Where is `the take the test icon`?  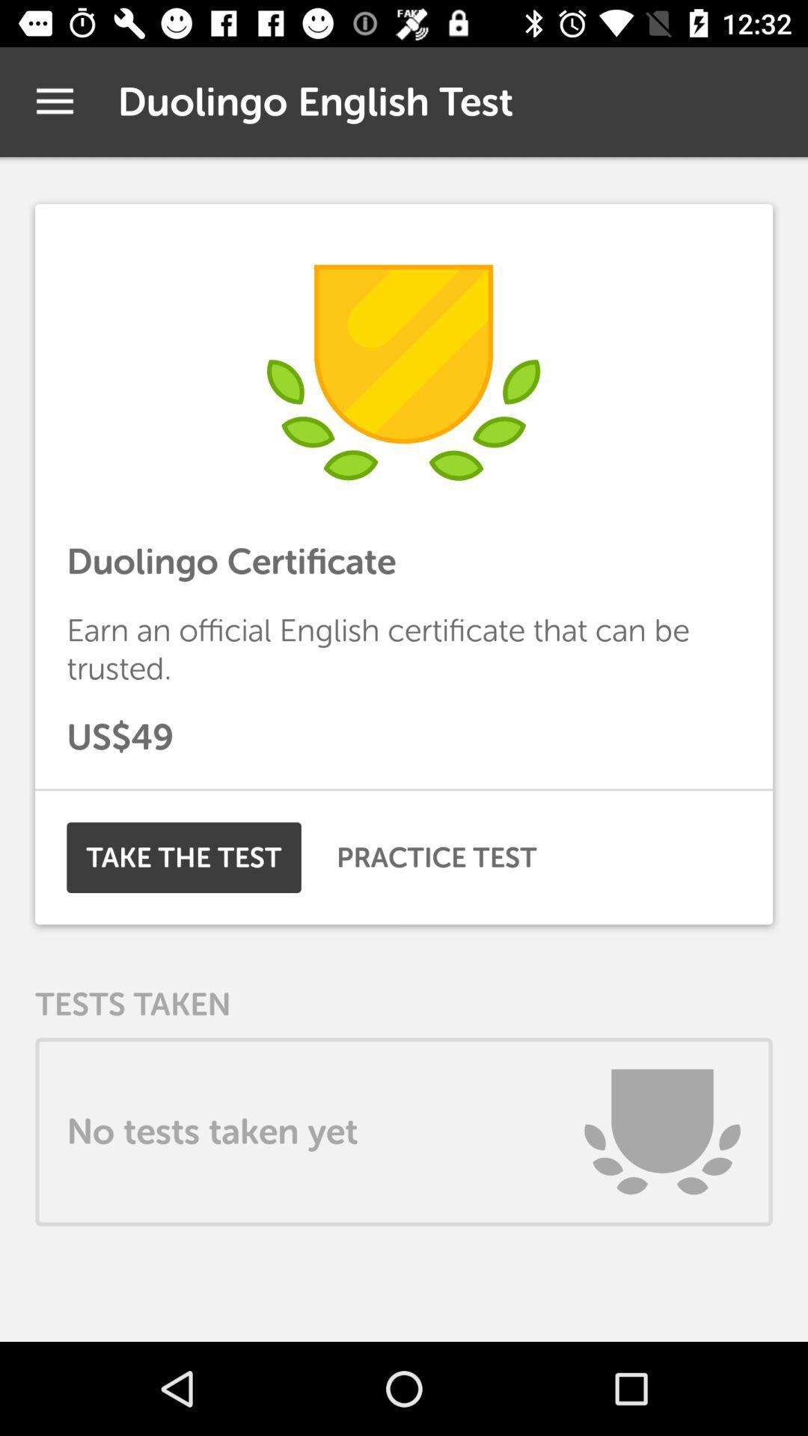
the take the test icon is located at coordinates (183, 857).